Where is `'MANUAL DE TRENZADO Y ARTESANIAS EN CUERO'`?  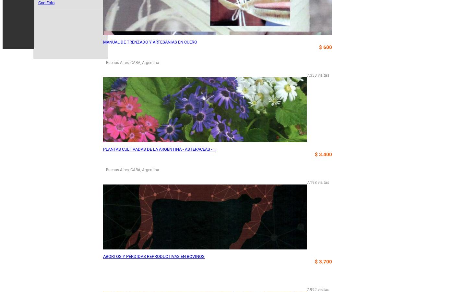 'MANUAL DE TRENZADO Y ARTESANIAS EN CUERO' is located at coordinates (150, 42).